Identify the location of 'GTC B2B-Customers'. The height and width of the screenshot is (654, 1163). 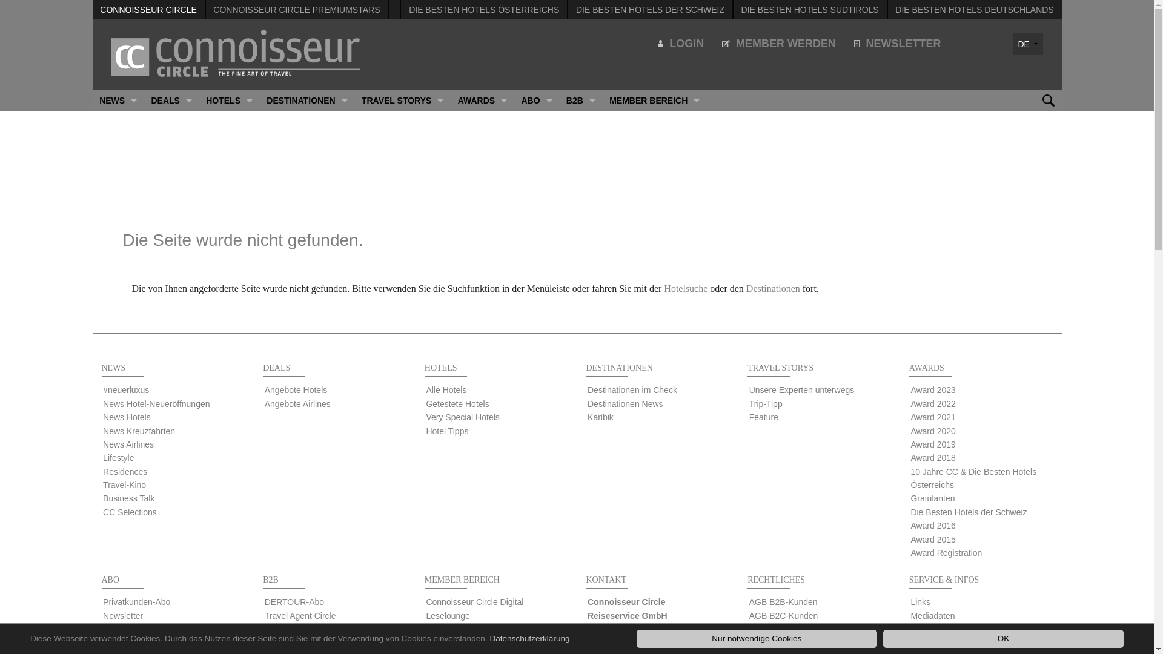
(749, 628).